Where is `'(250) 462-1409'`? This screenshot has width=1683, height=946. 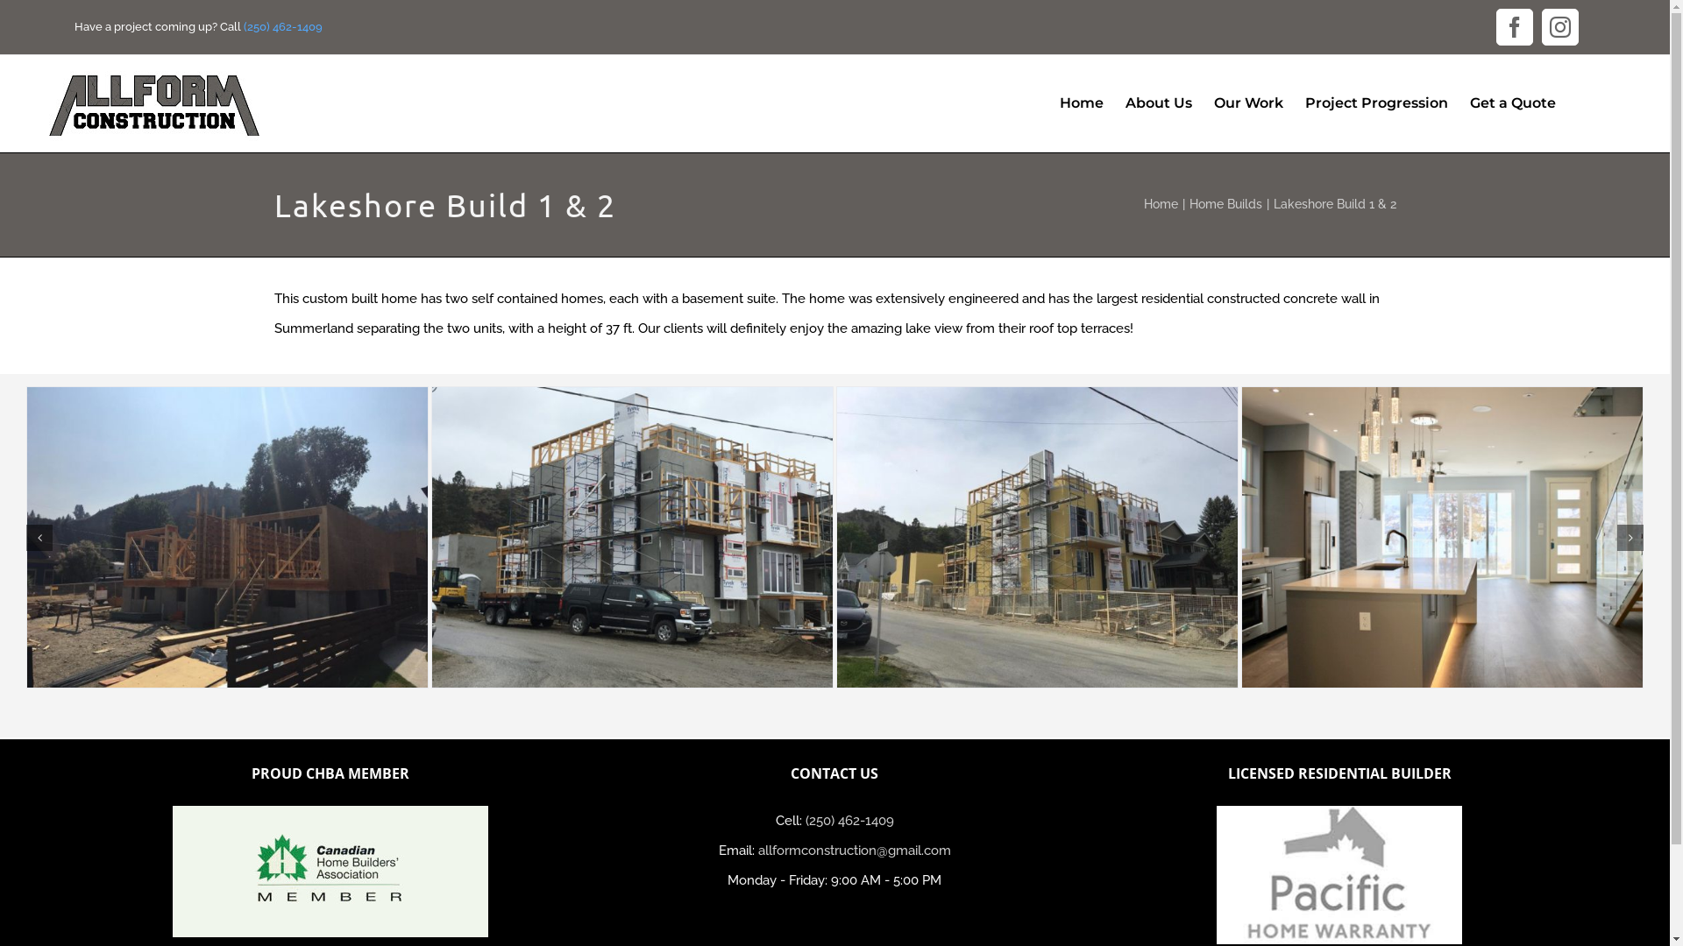 '(250) 462-1409' is located at coordinates (282, 26).